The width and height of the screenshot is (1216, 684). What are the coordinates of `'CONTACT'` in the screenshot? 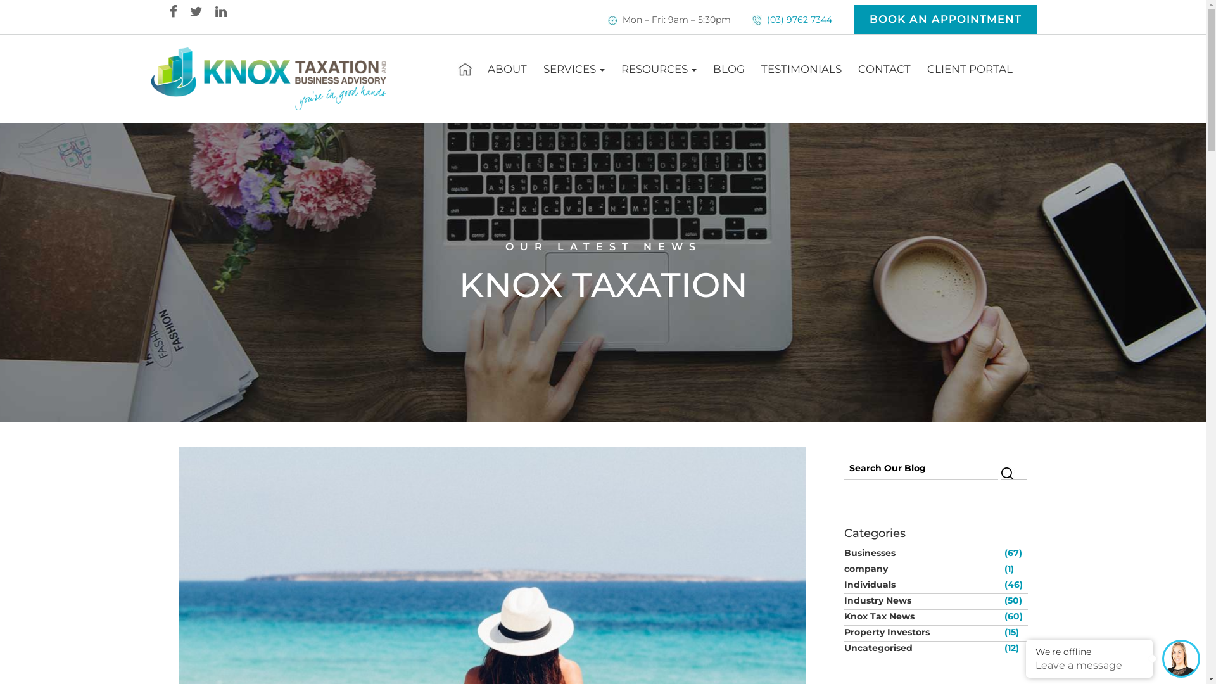 It's located at (883, 68).